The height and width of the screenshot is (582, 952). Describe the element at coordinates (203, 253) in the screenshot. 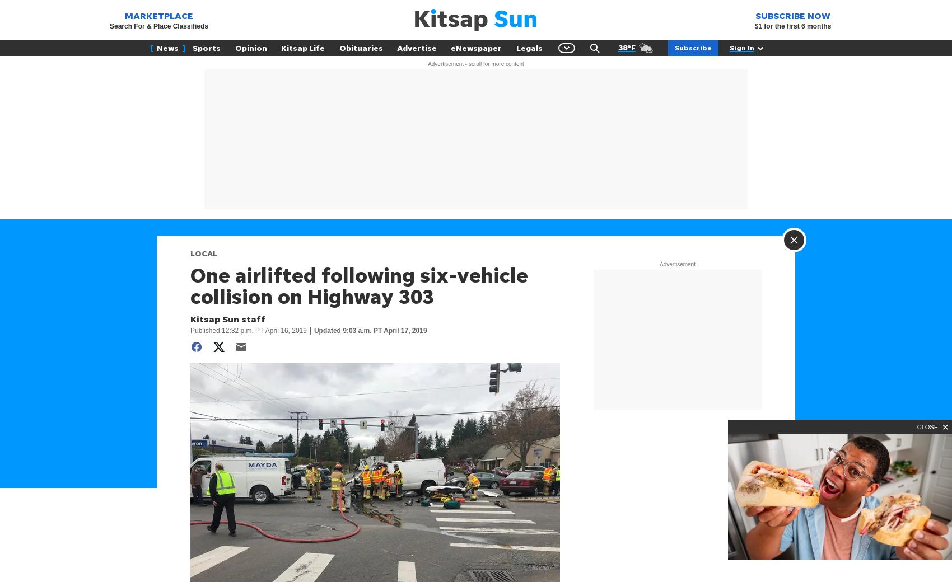

I see `'LOCAL'` at that location.